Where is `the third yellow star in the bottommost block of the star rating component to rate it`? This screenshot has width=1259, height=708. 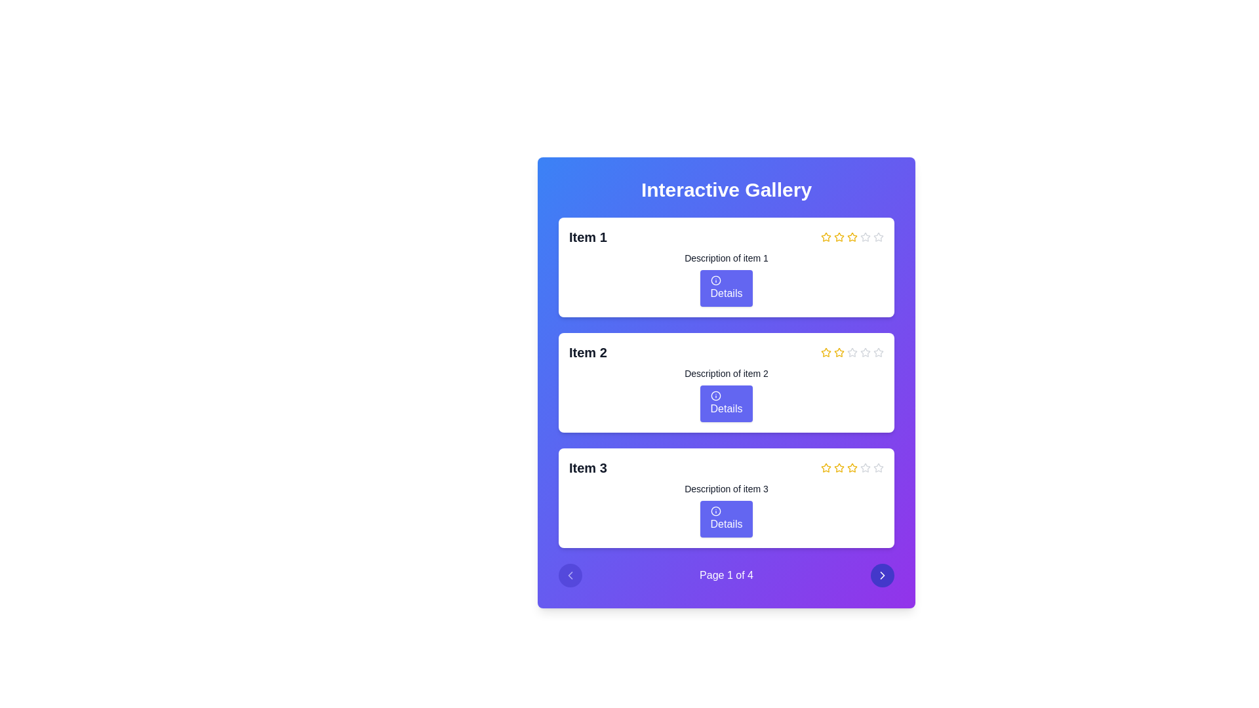 the third yellow star in the bottommost block of the star rating component to rate it is located at coordinates (839, 467).